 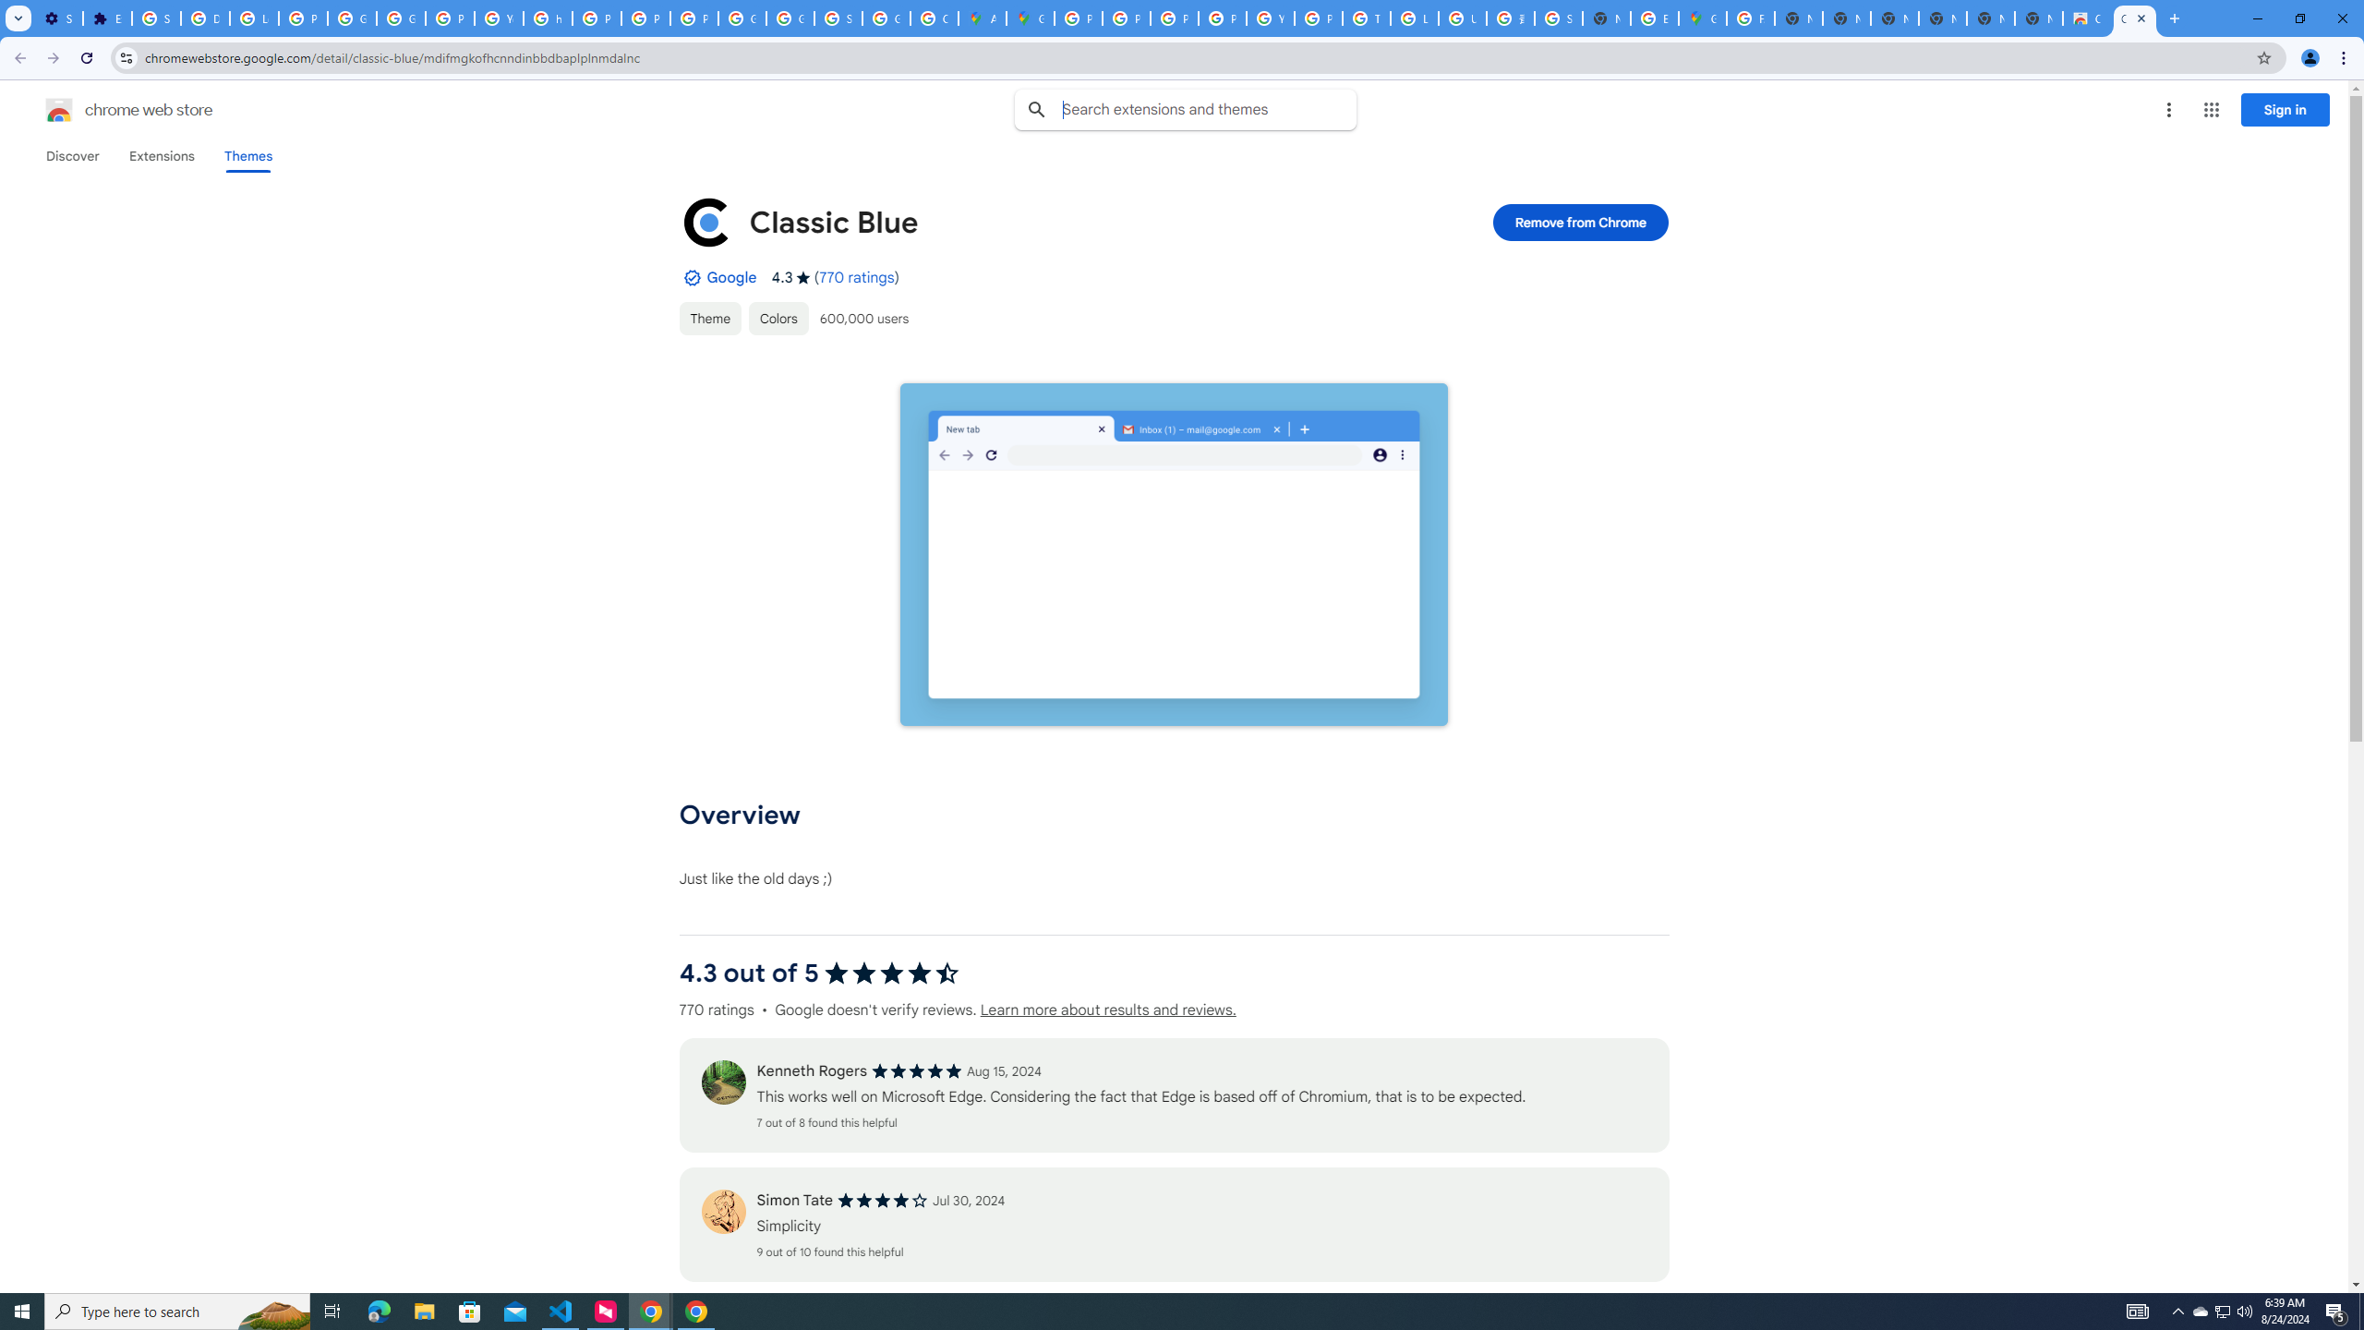 What do you see at coordinates (204, 18) in the screenshot?
I see `'Delete photos & videos - Computer - Google Photos Help'` at bounding box center [204, 18].